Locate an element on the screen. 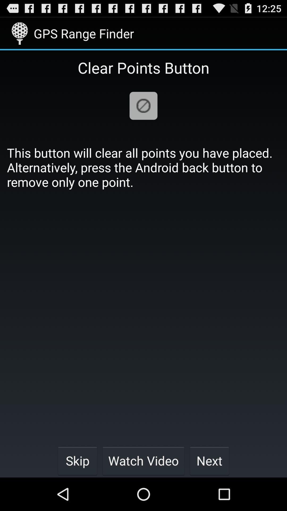 This screenshot has width=287, height=511. button next to the next item is located at coordinates (143, 460).